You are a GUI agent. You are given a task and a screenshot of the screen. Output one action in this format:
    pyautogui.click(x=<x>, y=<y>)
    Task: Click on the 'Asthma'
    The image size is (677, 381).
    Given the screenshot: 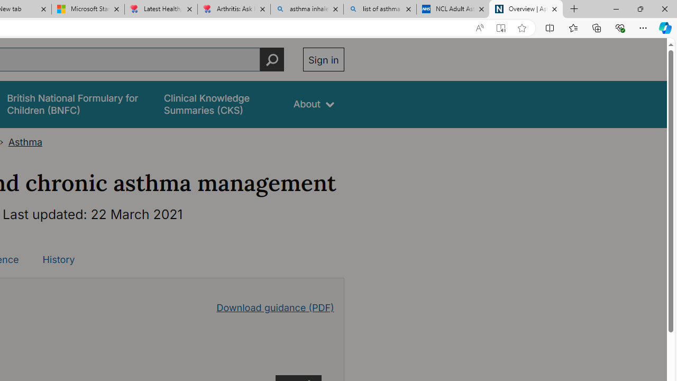 What is the action you would take?
    pyautogui.click(x=25, y=142)
    